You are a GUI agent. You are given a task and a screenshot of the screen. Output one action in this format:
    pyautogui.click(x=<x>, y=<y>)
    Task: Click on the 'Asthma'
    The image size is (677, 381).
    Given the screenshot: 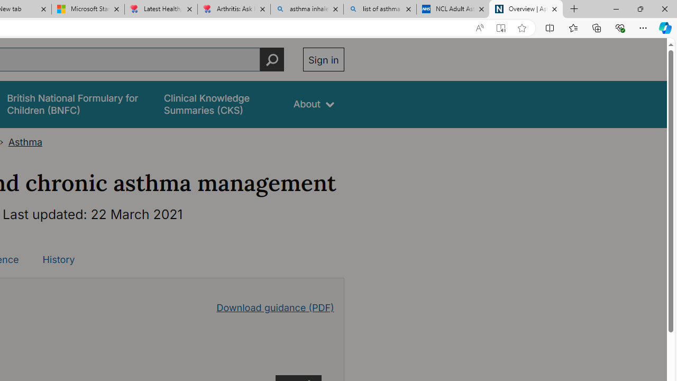 What is the action you would take?
    pyautogui.click(x=25, y=142)
    